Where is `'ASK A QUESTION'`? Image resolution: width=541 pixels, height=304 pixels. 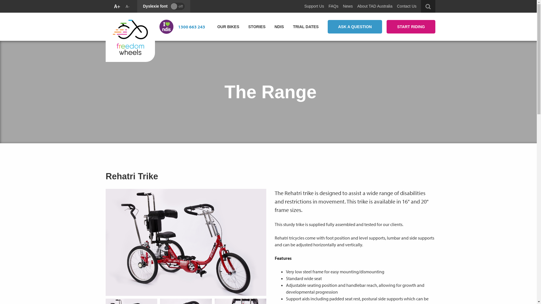
'ASK A QUESTION' is located at coordinates (327, 27).